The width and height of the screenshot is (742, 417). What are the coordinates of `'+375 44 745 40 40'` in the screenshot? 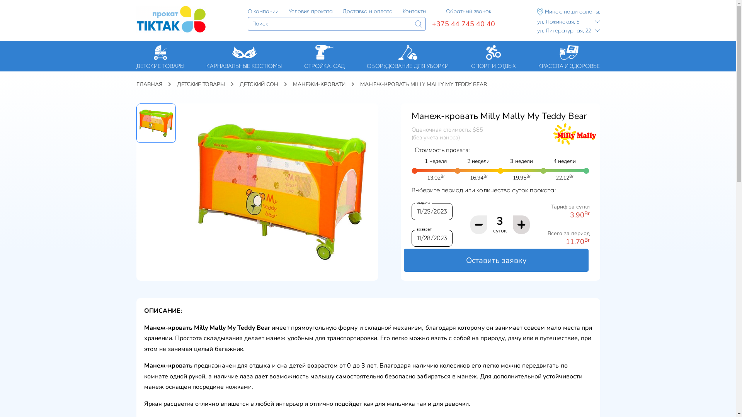 It's located at (463, 24).